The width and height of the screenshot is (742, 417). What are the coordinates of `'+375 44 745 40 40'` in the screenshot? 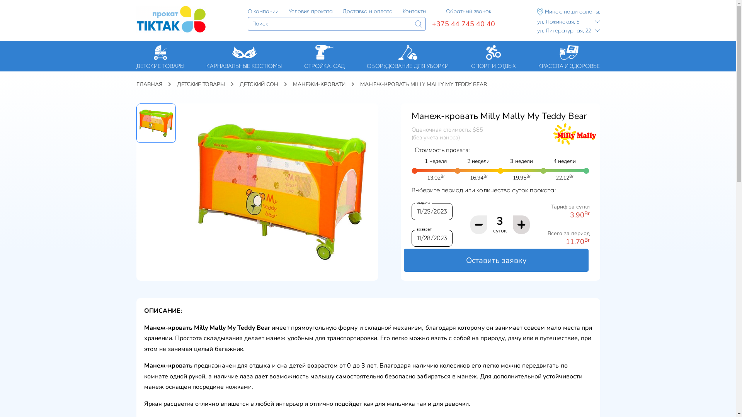 It's located at (463, 24).